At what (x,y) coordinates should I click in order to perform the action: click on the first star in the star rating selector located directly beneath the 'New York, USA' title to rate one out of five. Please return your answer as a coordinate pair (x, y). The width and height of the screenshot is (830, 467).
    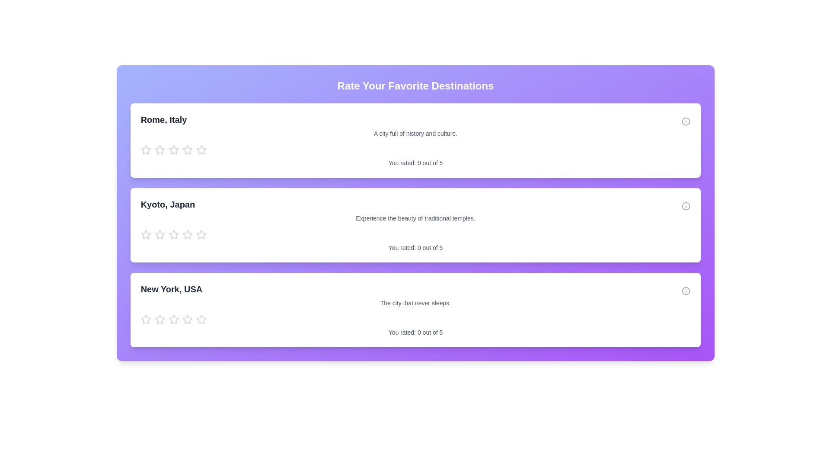
    Looking at the image, I should click on (146, 320).